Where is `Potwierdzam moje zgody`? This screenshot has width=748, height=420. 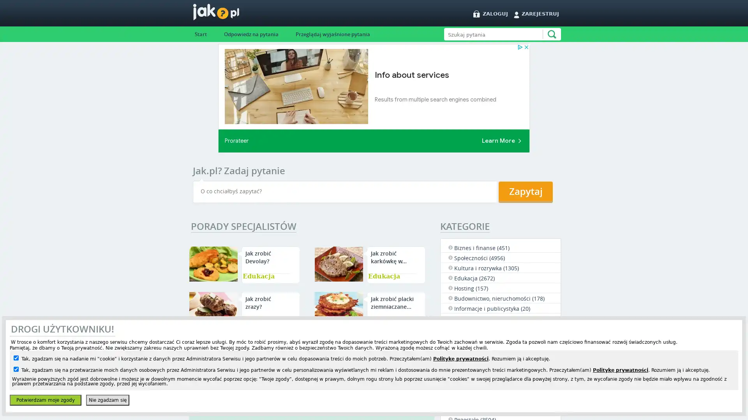 Potwierdzam moje zgody is located at coordinates (45, 400).